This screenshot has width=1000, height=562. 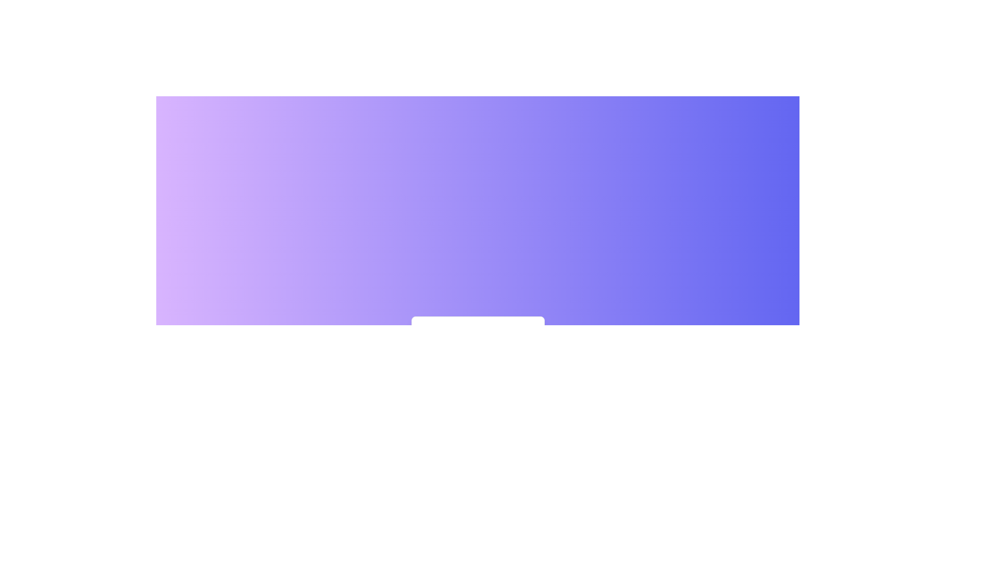 What do you see at coordinates (477, 335) in the screenshot?
I see `the menu option Open File to highlight it` at bounding box center [477, 335].